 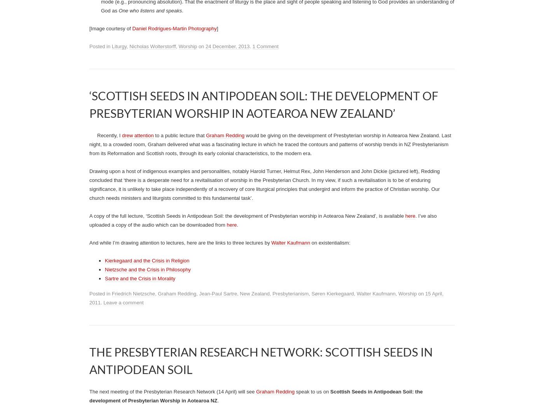 What do you see at coordinates (277, 89) in the screenshot?
I see `'In this first Kantzer lecture, Nicholas Wolterstorff provides the overarching structure to his liturgical project. Using as his main interlocutors liturgical theologians Schmemann and von Allmen, and working at the convergence of Orthodox, Episcopal, Catholic, Lutheran, and Reformed traditions, Wolterstorff expounds his ontology of liturgy as dependent on the enactment of a “script,” the complete set of rules that determine what is a correct liturgy. He argues that the nature and purpose of the church become manifest in the correct enactment of the liturgy. Anticipating future lectures, Wolterstorff suggests that the God implicit in the liturgy is discernible at three levels: the understanding of God implicit in (1) the entire liturgy, (2) the various types of liturgical actions, and (3) the particular content of individual liturgical acts. Thus, Wolterstorff will lend his analytic tools to decode and thereby reveal the theological'` at bounding box center [277, 89].